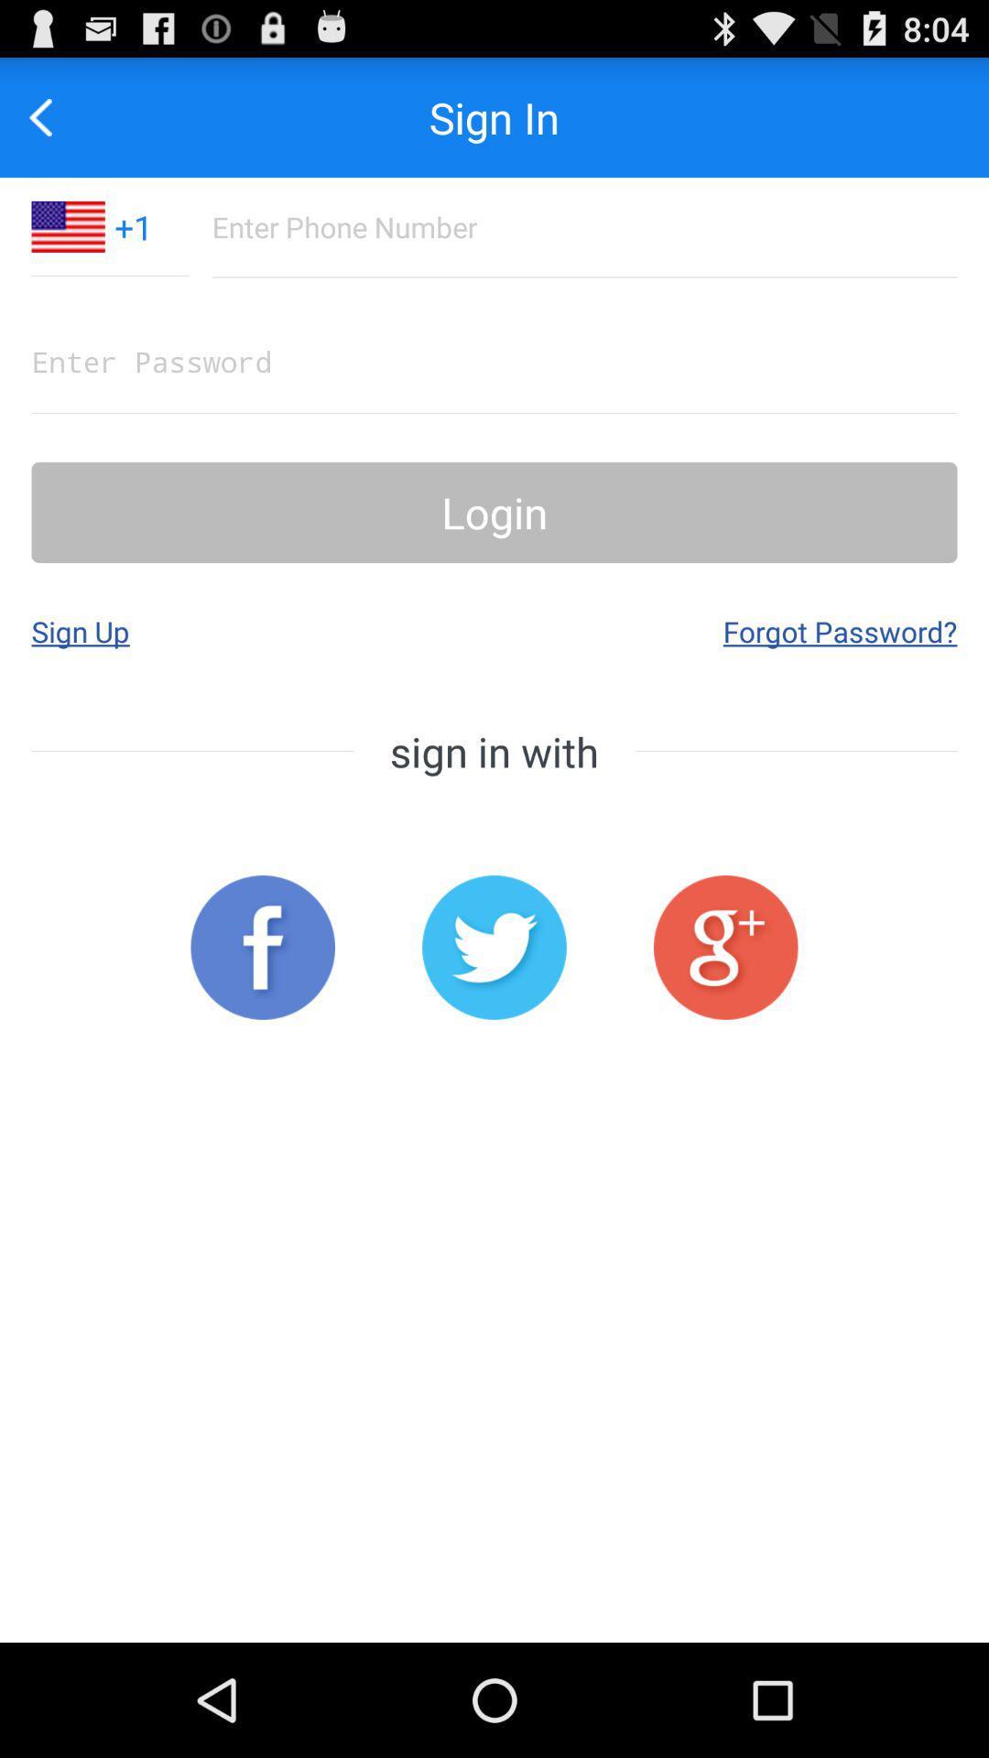 Image resolution: width=989 pixels, height=1758 pixels. Describe the element at coordinates (840, 631) in the screenshot. I see `app to the right of sign up` at that location.